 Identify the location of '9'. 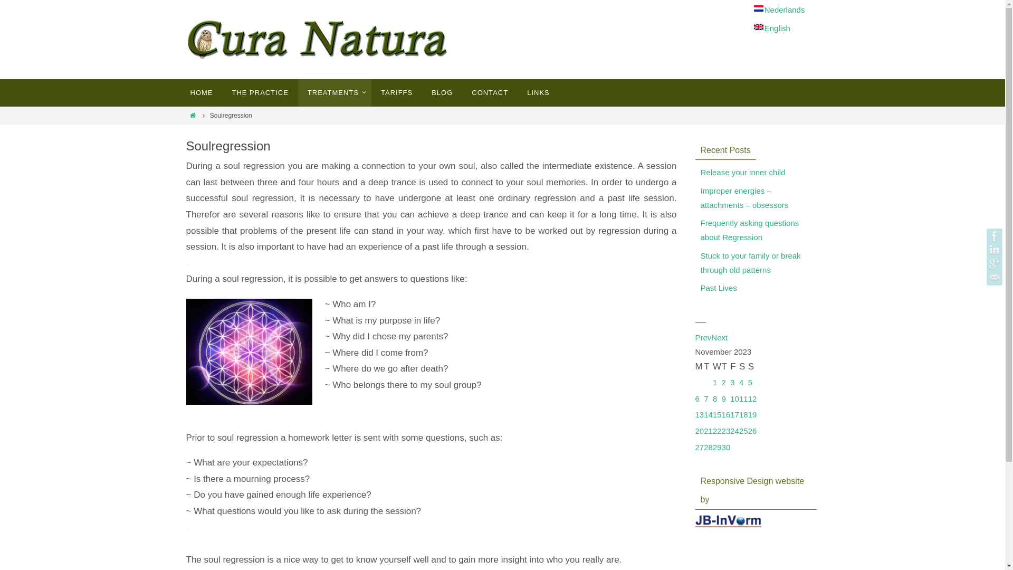
(723, 399).